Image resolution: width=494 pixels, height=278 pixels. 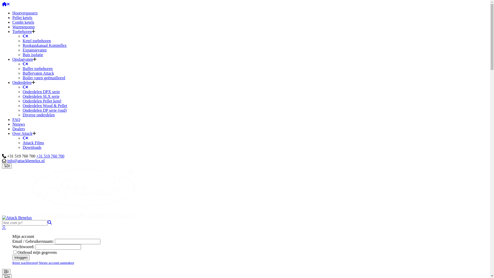 I want to click on 'Onderdelen', so click(x=22, y=82).